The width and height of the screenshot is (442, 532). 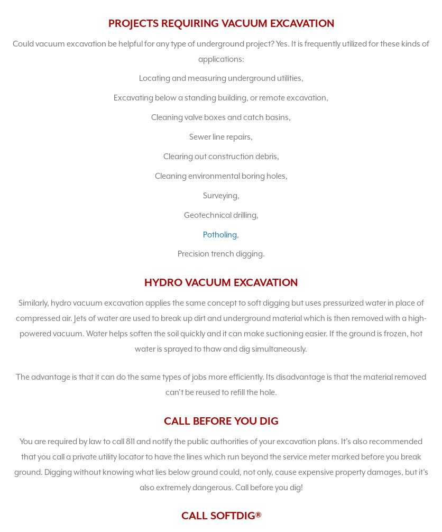 I want to click on 'Cleaning environmental boring holes,', so click(x=154, y=175).